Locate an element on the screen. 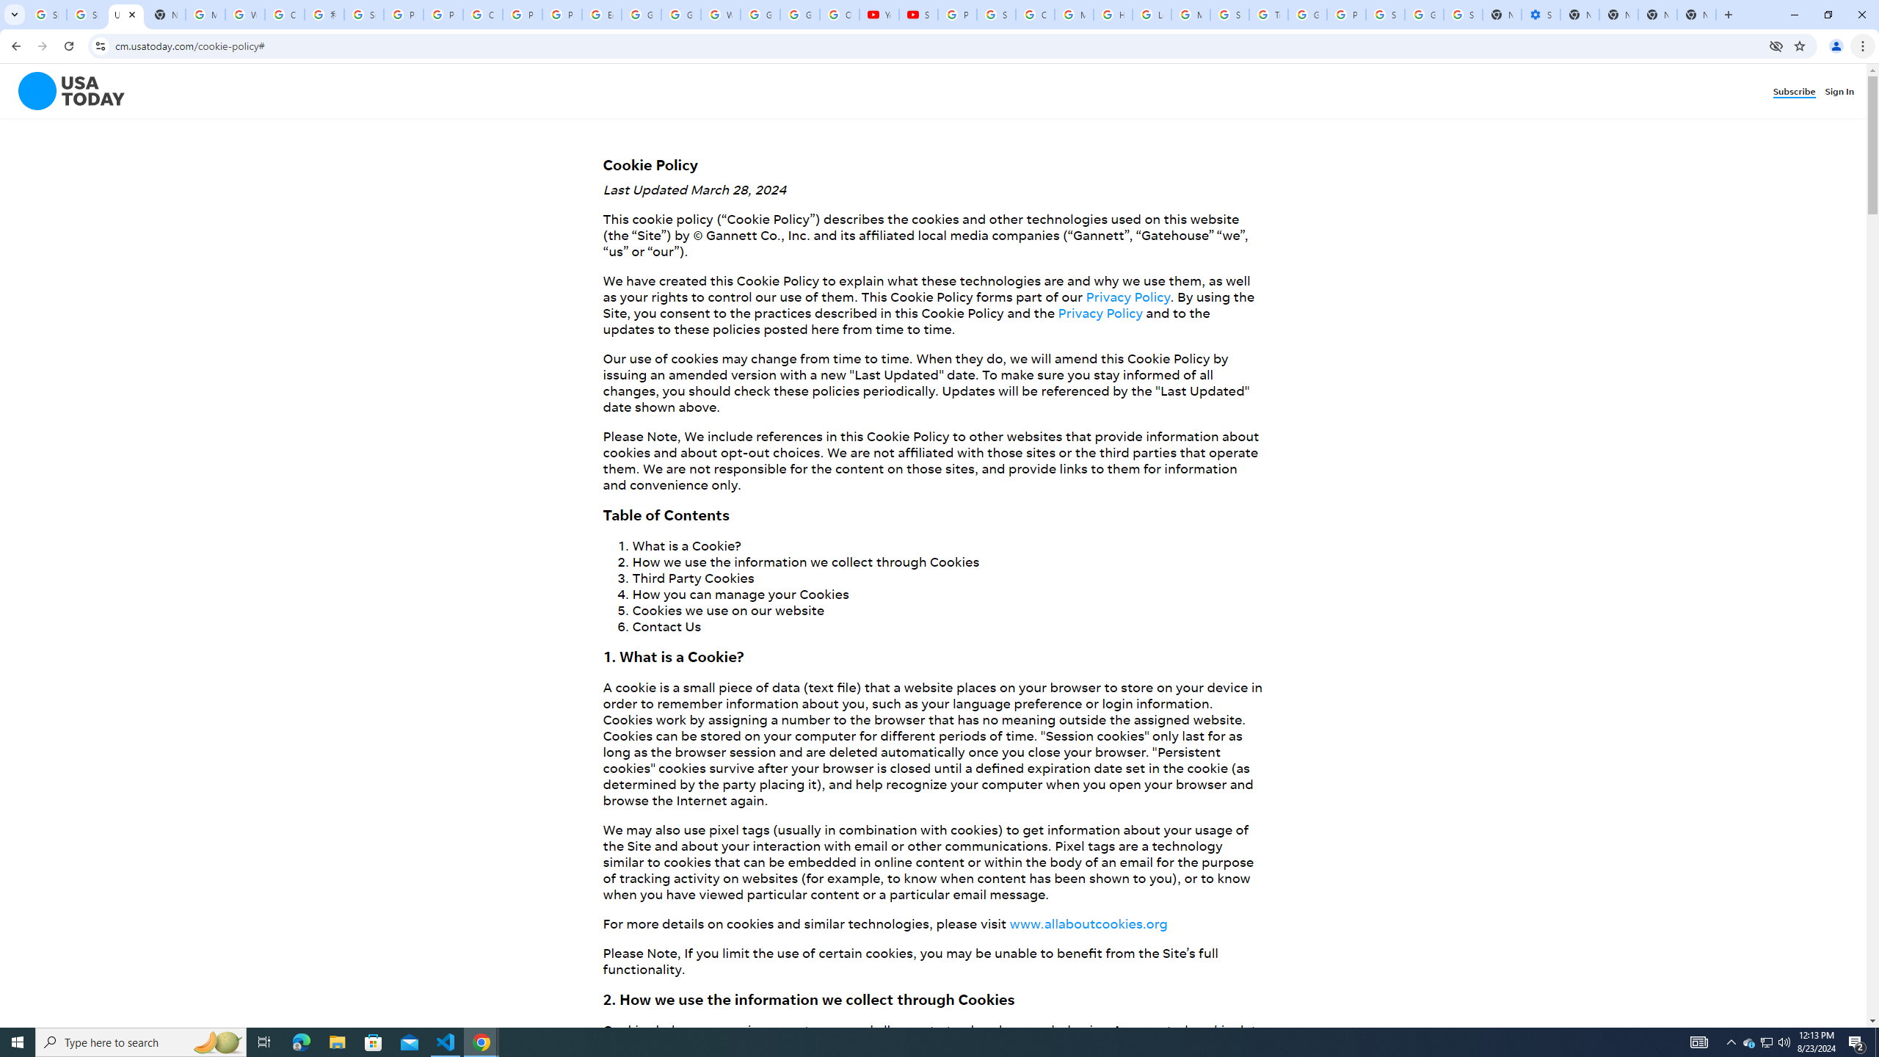 Image resolution: width=1879 pixels, height=1057 pixels. 'Google Cybersecurity Innovations - Google Safety Center' is located at coordinates (1424, 14).